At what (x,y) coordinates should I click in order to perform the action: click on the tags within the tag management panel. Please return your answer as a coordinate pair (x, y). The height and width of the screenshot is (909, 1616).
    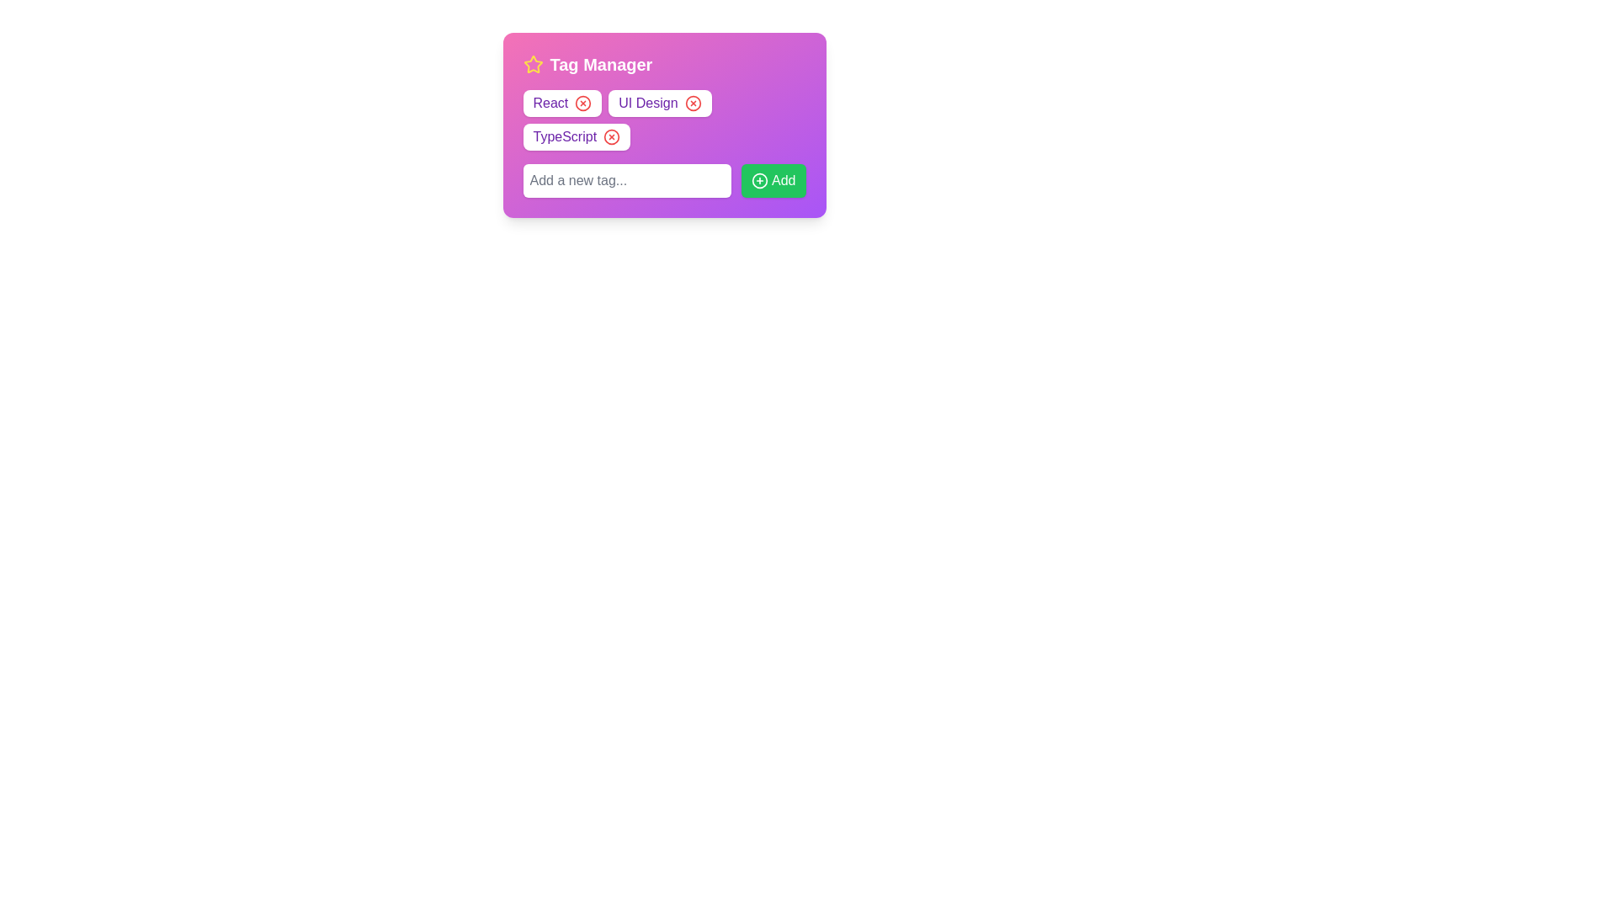
    Looking at the image, I should click on (663, 125).